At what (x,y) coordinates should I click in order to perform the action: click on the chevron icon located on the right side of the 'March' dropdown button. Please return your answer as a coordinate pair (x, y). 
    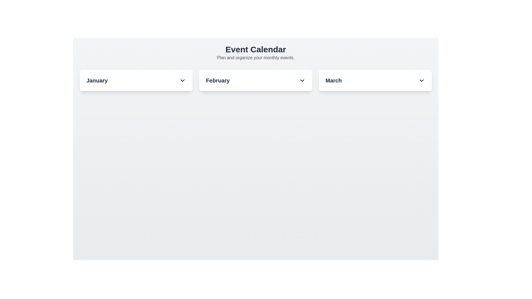
    Looking at the image, I should click on (421, 80).